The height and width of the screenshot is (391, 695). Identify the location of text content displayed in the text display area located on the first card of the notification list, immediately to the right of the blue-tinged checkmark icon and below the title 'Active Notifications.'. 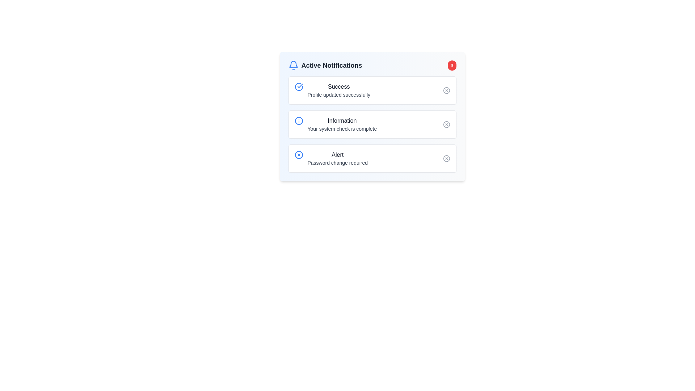
(338, 90).